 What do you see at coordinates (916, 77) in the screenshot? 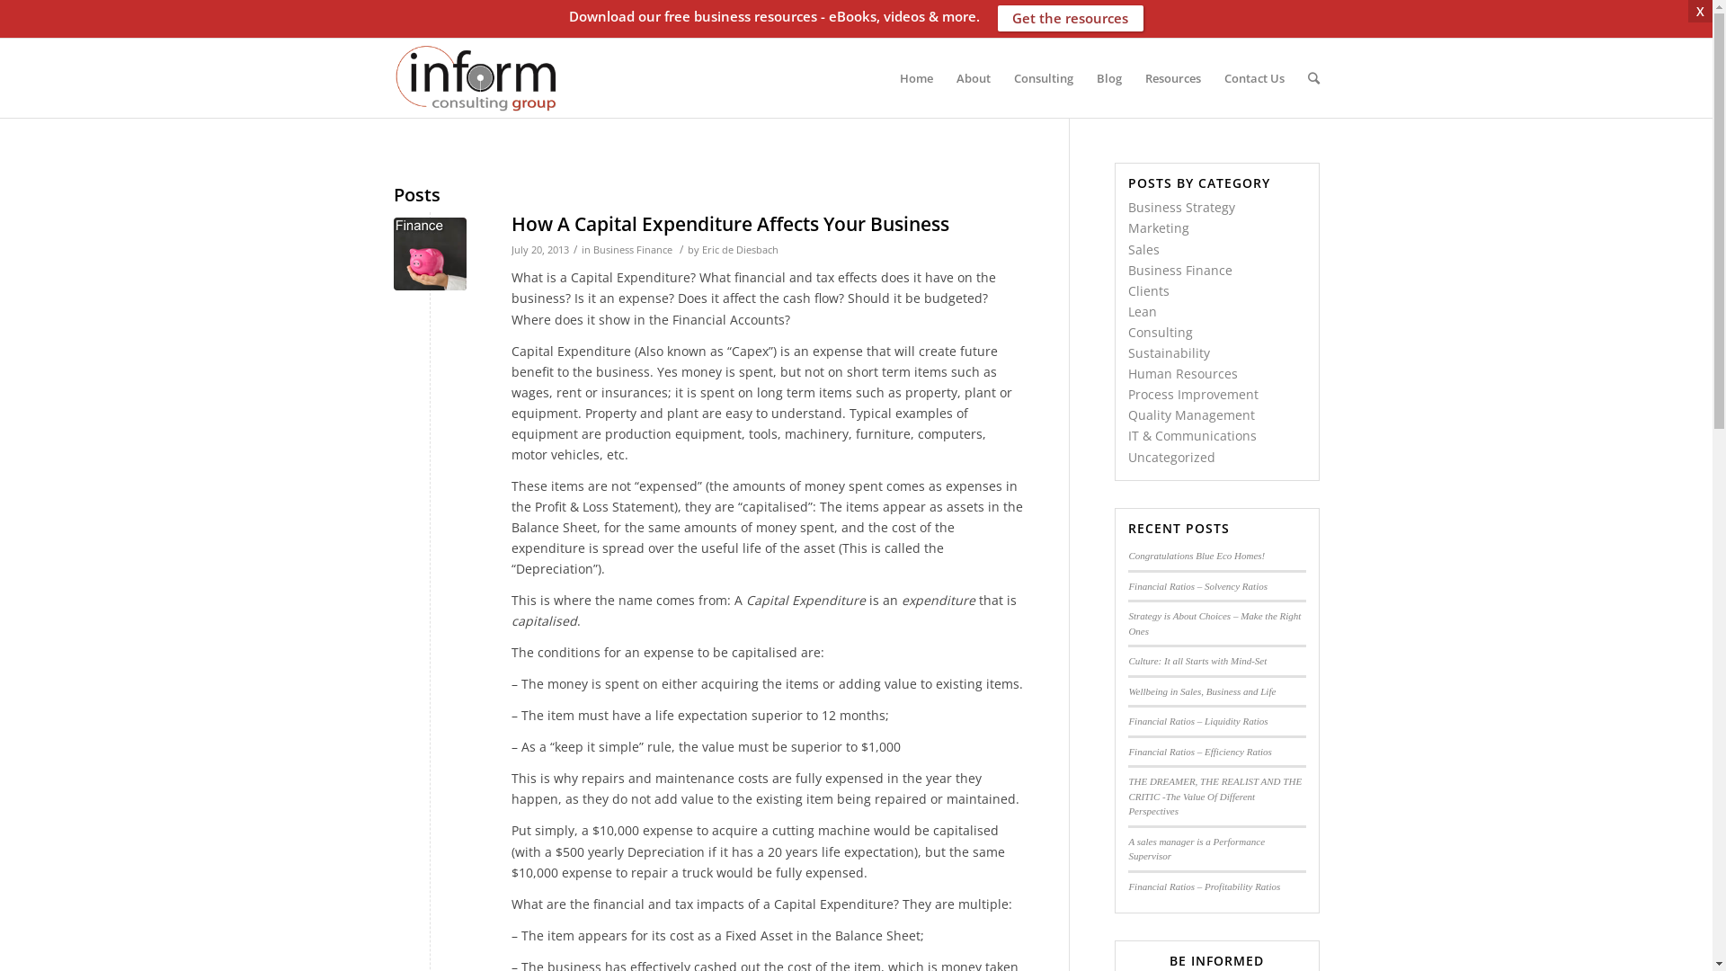
I see `'Home'` at bounding box center [916, 77].